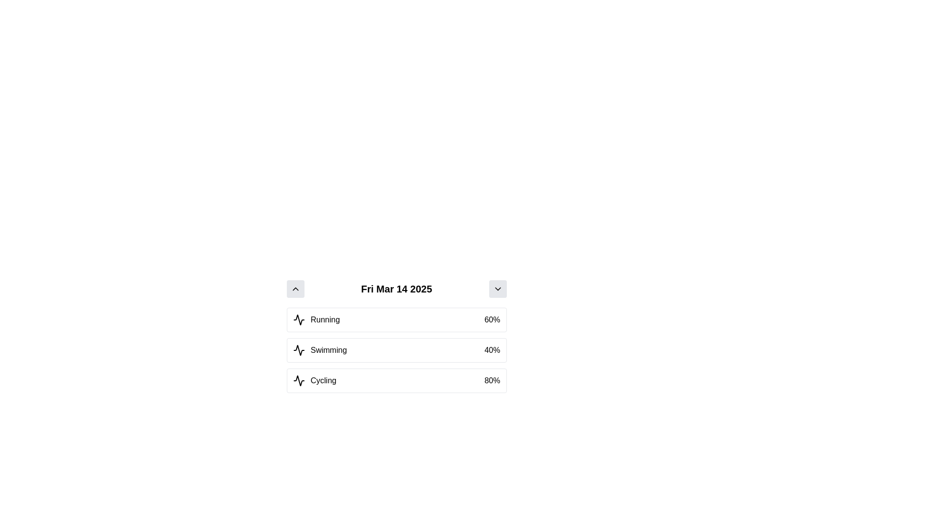 The image size is (943, 530). Describe the element at coordinates (396, 380) in the screenshot. I see `the 'Cycling' card item, which is the third item in the list below the date 'Fri Mar 14 2025'` at that location.